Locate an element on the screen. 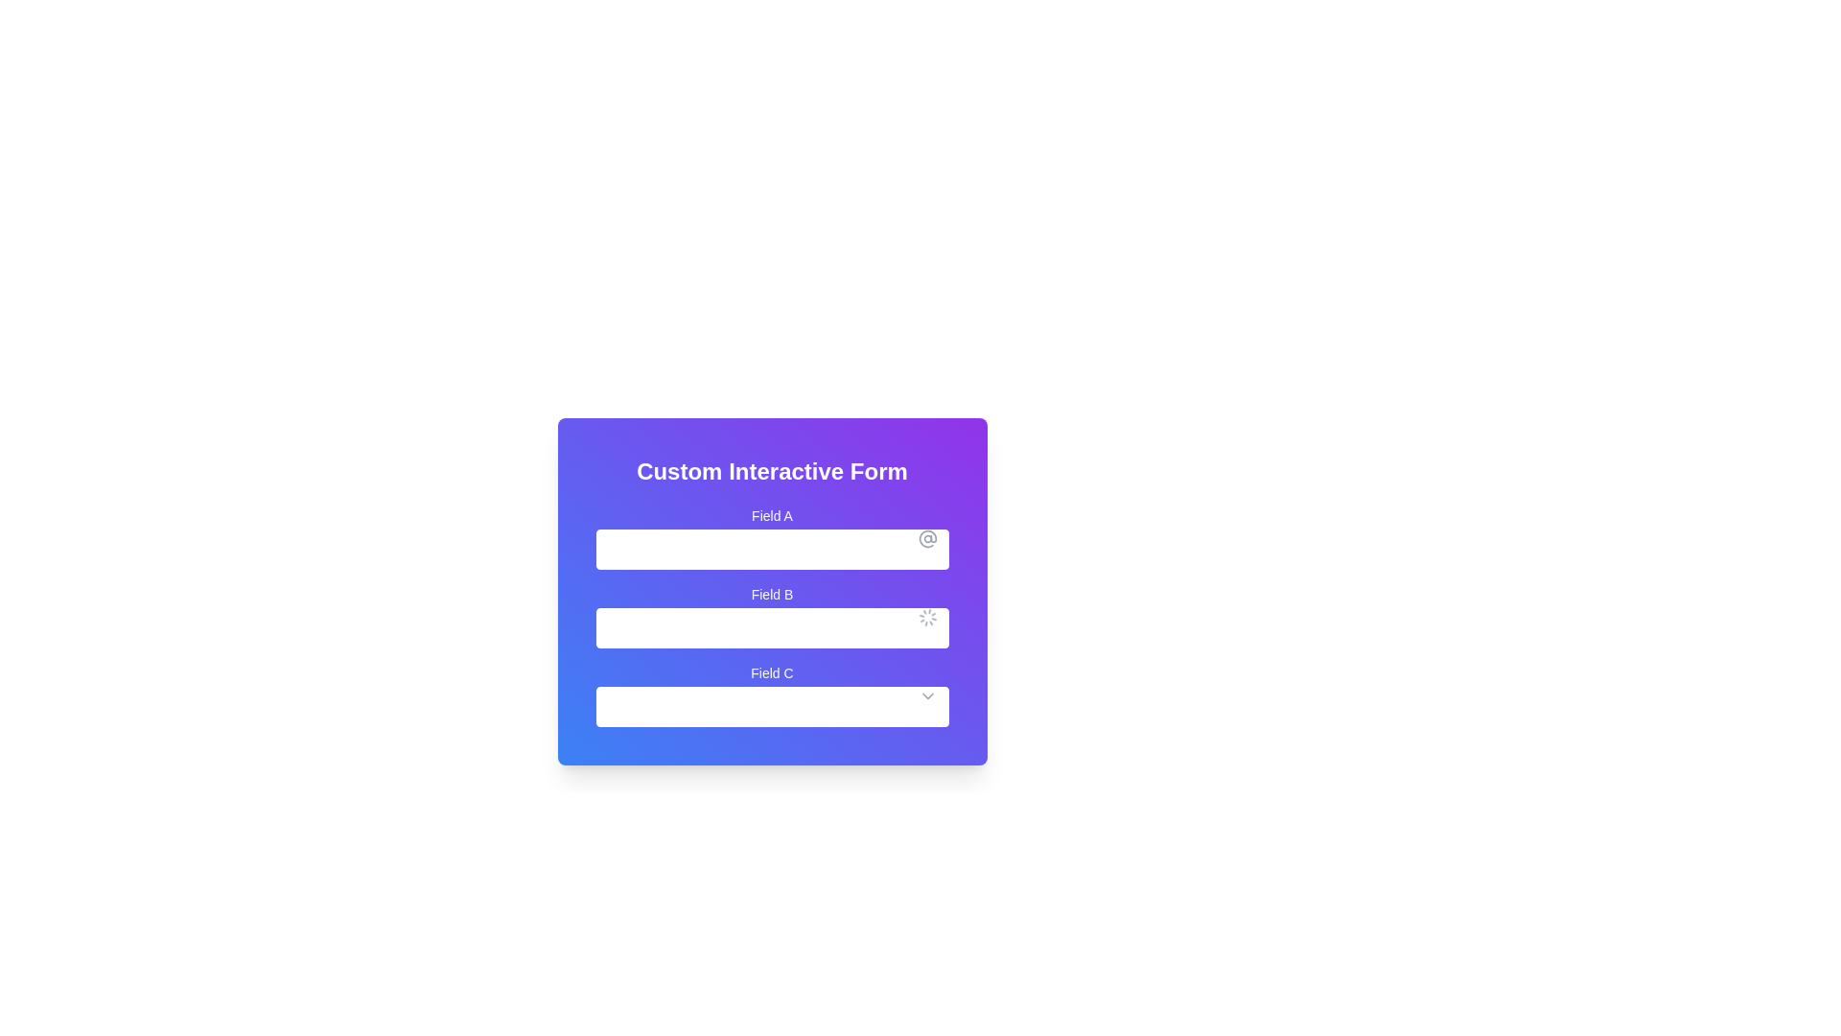 The height and width of the screenshot is (1036, 1841). the Text input field labeled 'Field A' by tabbing to it is located at coordinates (772, 537).